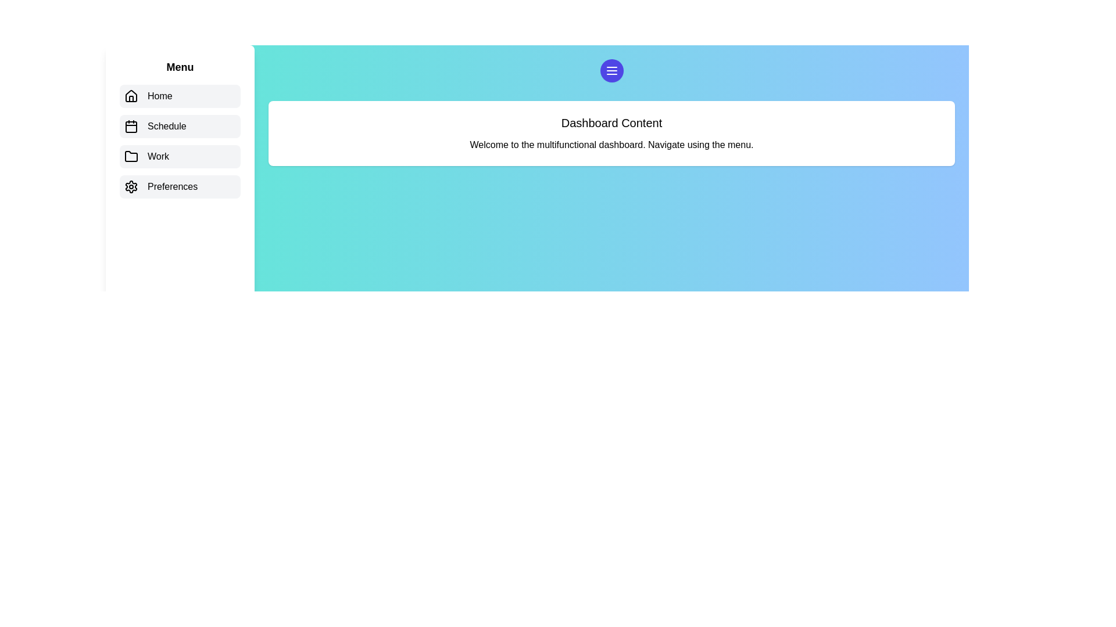 This screenshot has width=1116, height=627. What do you see at coordinates (180, 127) in the screenshot?
I see `the menu item labeled Schedule` at bounding box center [180, 127].